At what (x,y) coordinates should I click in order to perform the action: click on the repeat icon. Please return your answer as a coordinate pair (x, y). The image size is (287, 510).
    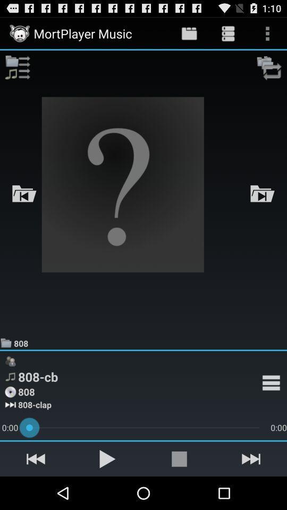
    Looking at the image, I should click on (269, 72).